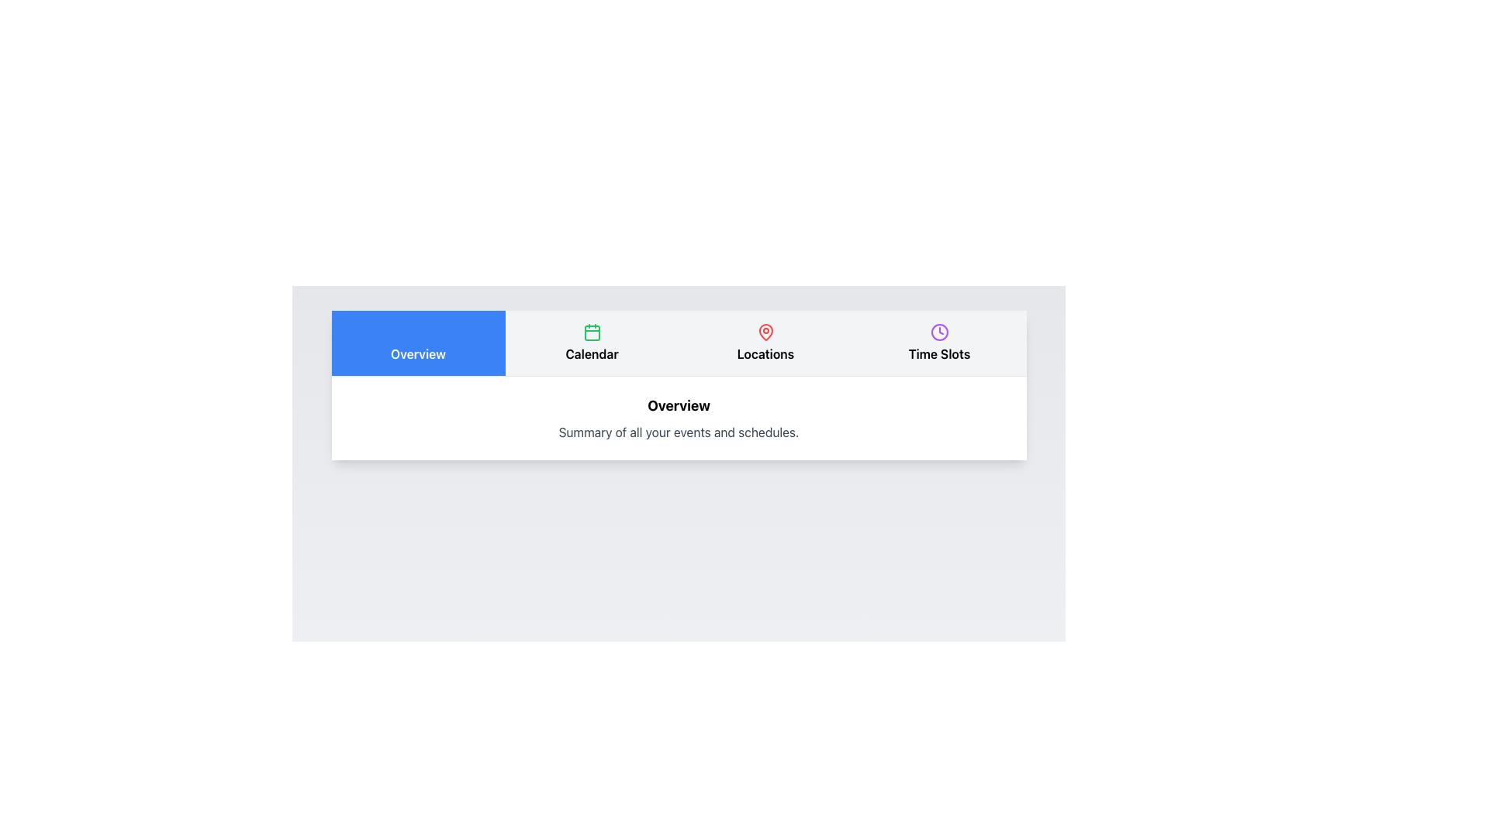 The image size is (1489, 837). Describe the element at coordinates (765, 343) in the screenshot. I see `the red pin icon with the label 'Locations' in the navigation bar` at that location.